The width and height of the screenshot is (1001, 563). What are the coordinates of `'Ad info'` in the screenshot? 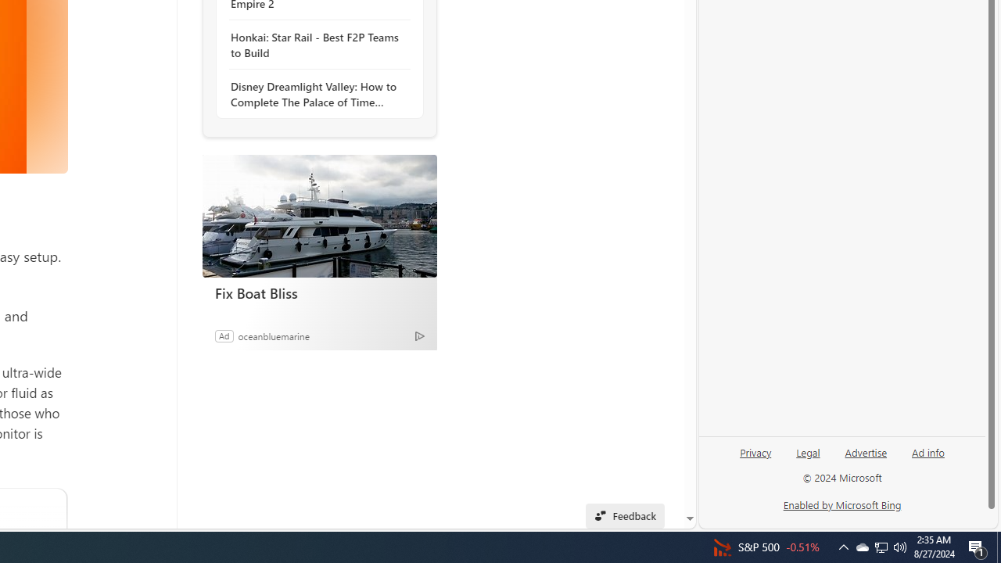 It's located at (928, 451).